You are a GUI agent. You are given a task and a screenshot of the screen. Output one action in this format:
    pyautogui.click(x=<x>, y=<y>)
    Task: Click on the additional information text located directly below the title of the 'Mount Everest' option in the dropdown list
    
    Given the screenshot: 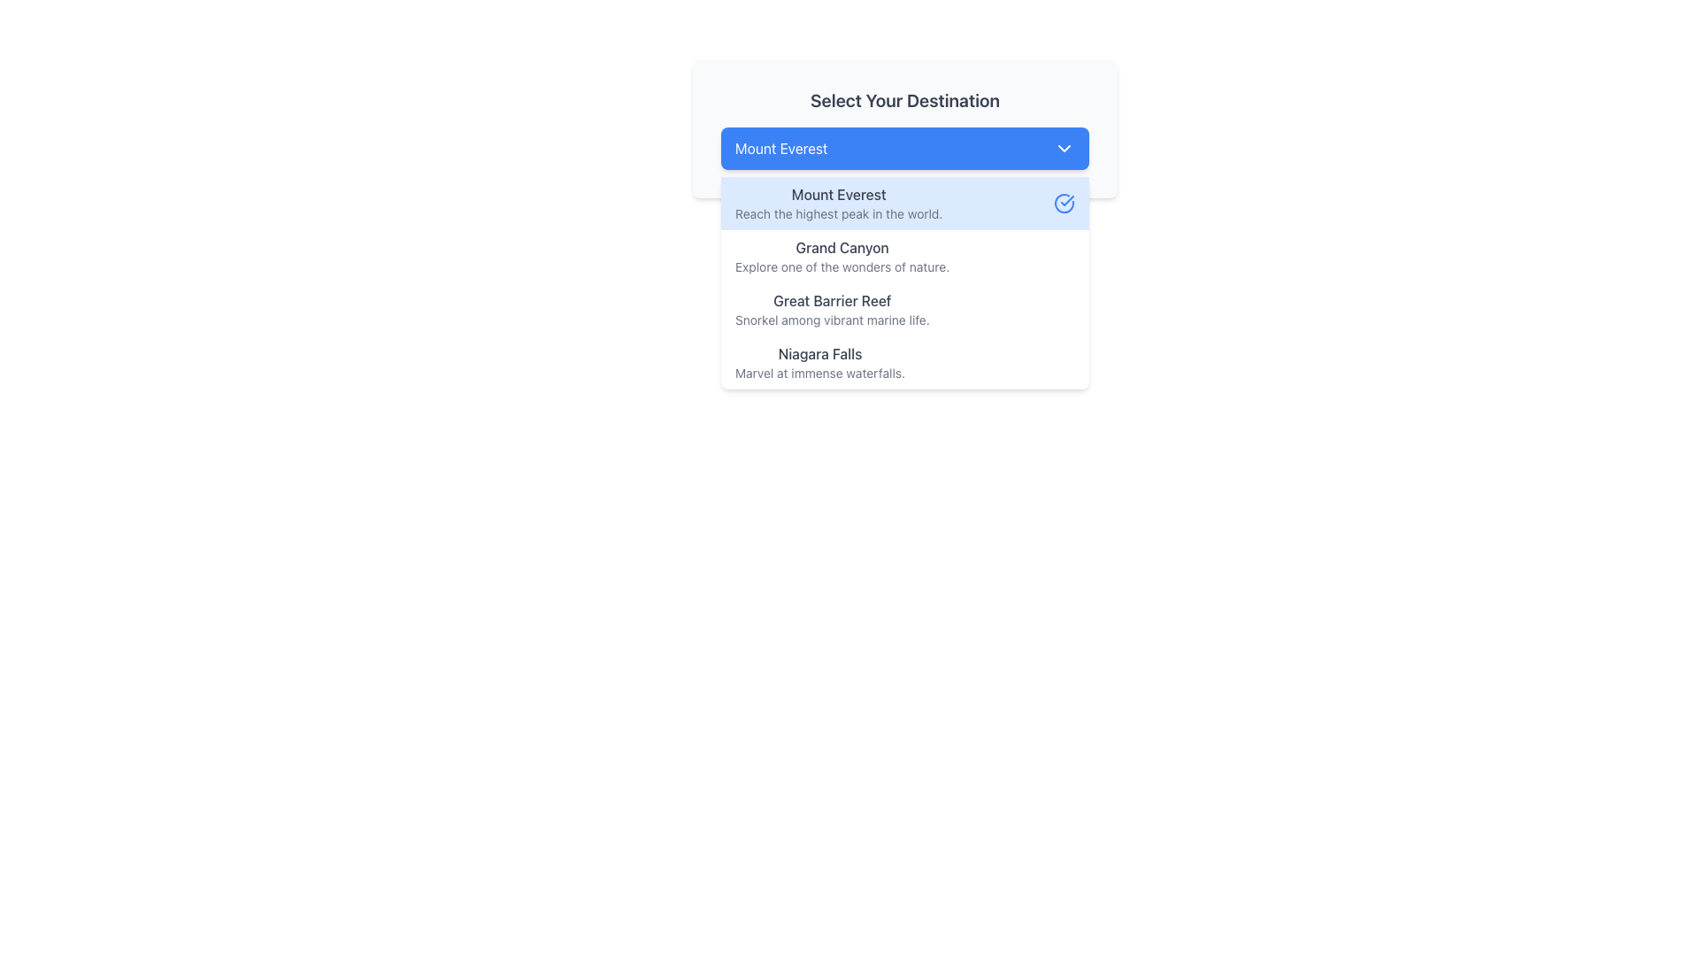 What is the action you would take?
    pyautogui.click(x=838, y=213)
    